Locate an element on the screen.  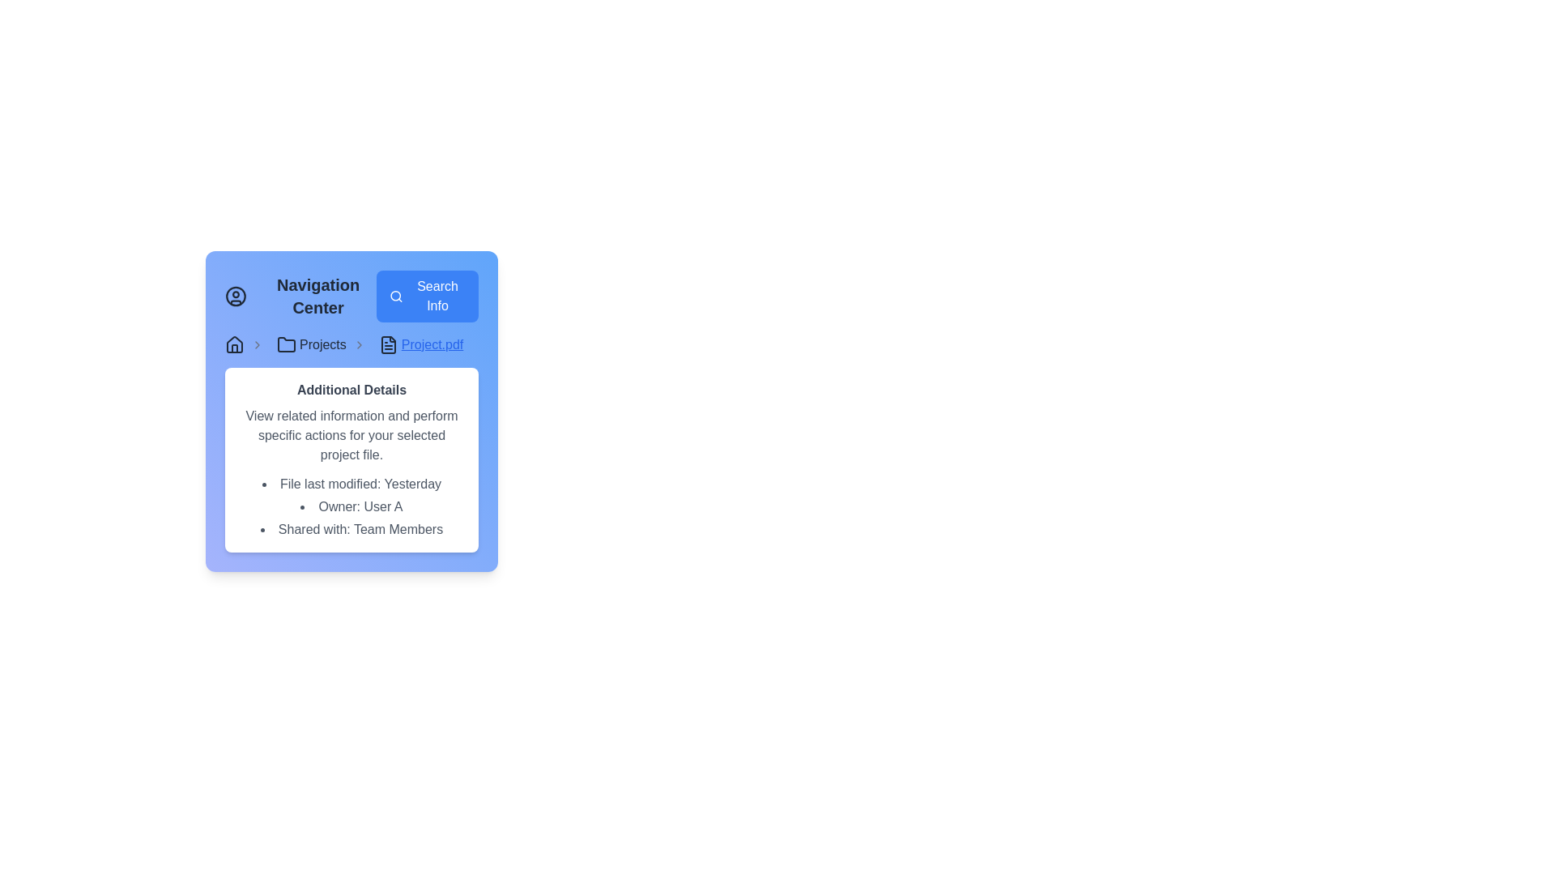
the 'Projects' breadcrumb navigation item, which consists of a text label and a folder icon is located at coordinates (324, 344).